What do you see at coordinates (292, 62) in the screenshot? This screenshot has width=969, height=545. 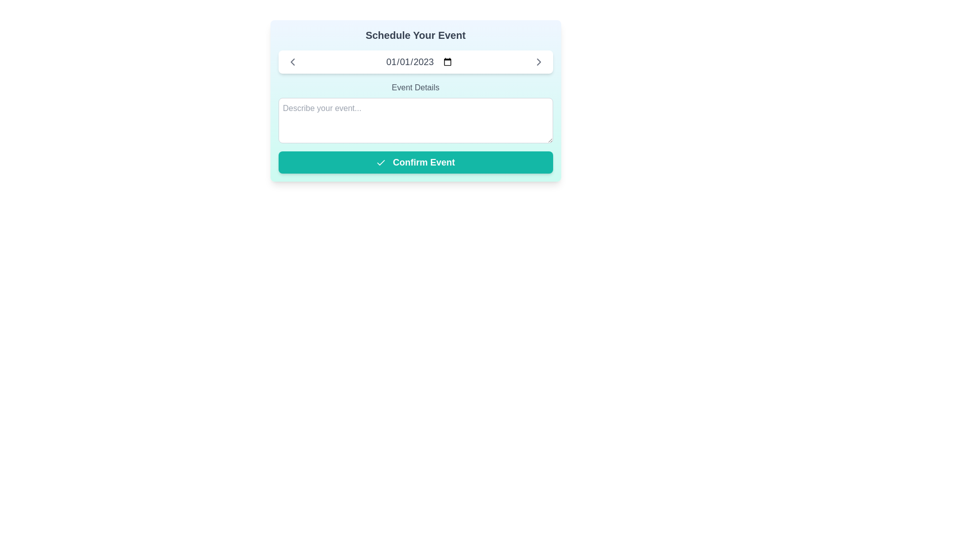 I see `the left-facing chevron button, which is gray and located within a white rectangular background` at bounding box center [292, 62].